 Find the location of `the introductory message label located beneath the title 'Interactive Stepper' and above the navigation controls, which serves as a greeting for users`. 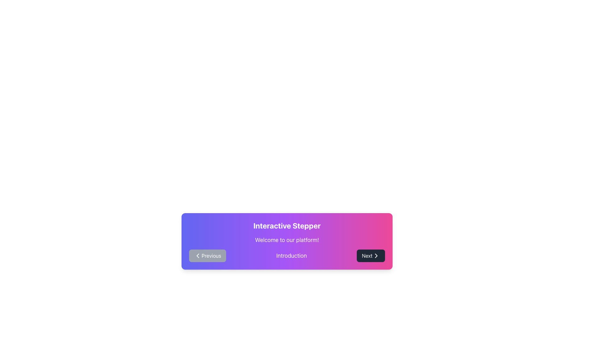

the introductory message label located beneath the title 'Interactive Stepper' and above the navigation controls, which serves as a greeting for users is located at coordinates (286, 240).